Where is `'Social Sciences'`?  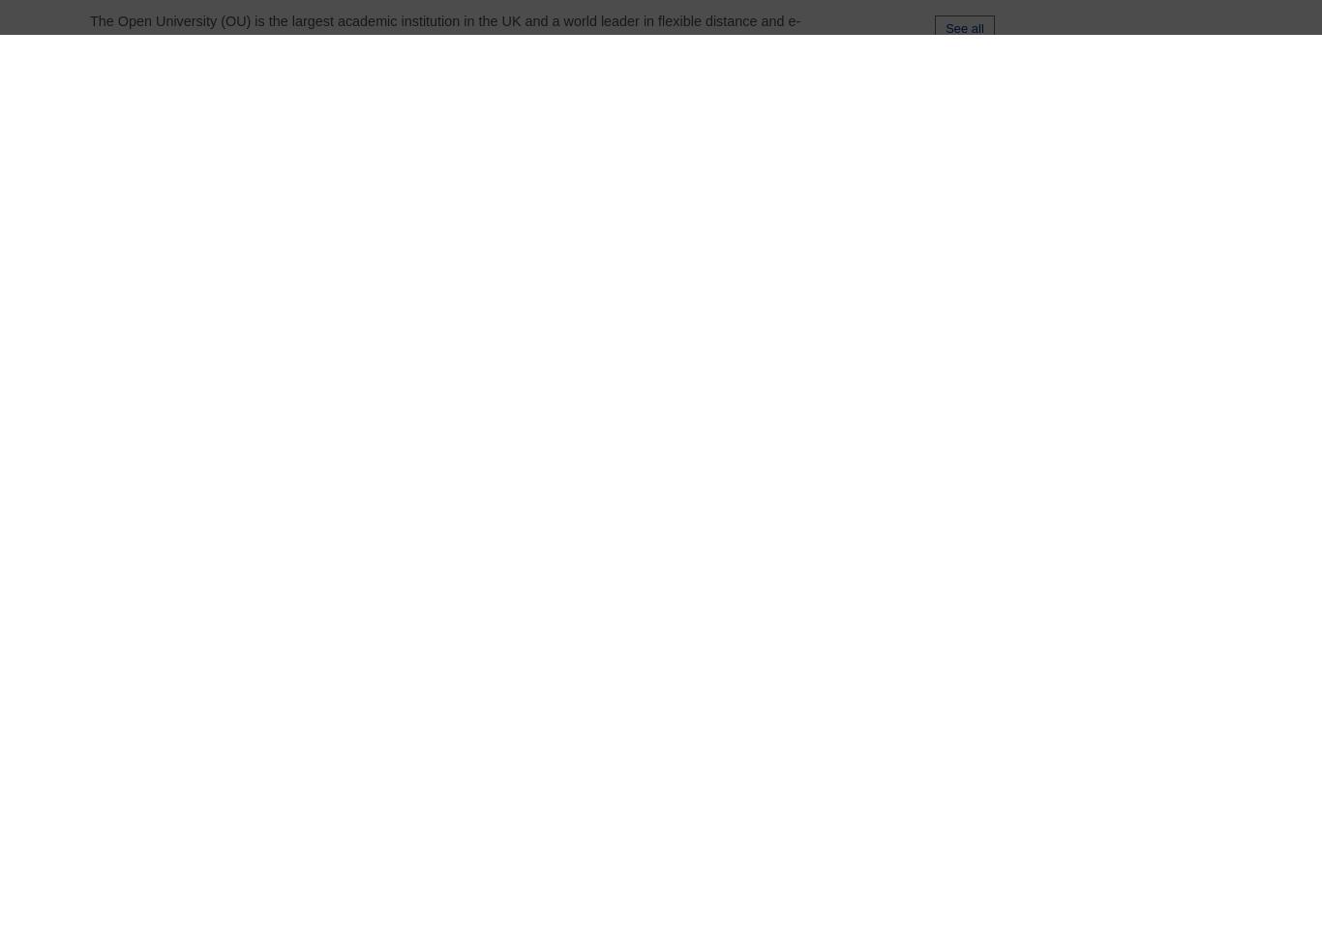 'Social Sciences' is located at coordinates (626, 644).